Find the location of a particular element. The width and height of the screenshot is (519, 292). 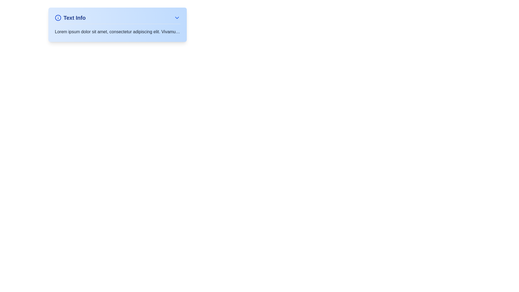

the paragraph text styled with a light gray font on a blue background for copying, located beneath the title 'Text Info' in the card component is located at coordinates (117, 32).